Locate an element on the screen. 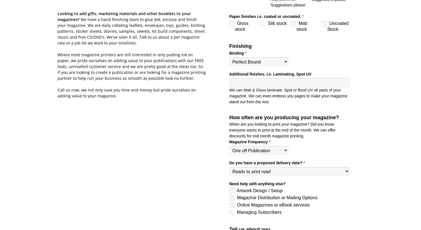  'Uncoated Stock' is located at coordinates (337, 25).